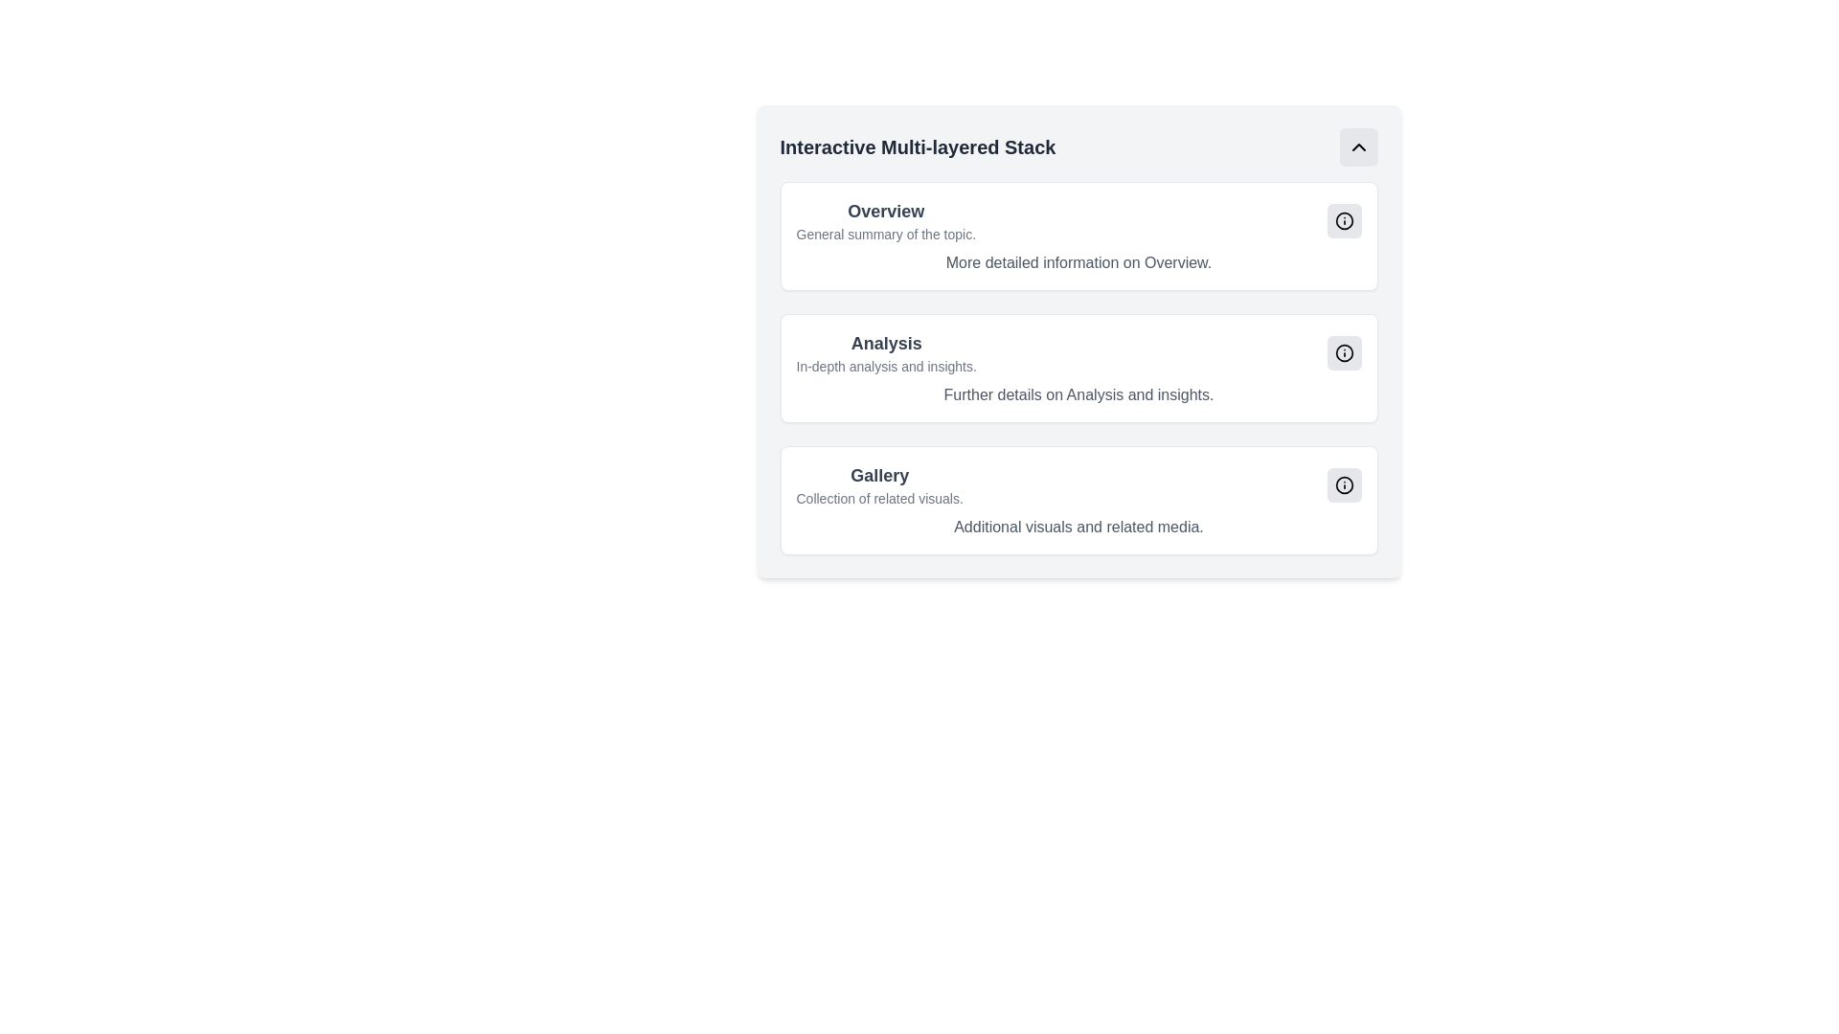  What do you see at coordinates (878, 483) in the screenshot?
I see `the Descriptive text group that labels and describes a section related to visual collections, positioned below 'Analysis' and above an interactive icon` at bounding box center [878, 483].